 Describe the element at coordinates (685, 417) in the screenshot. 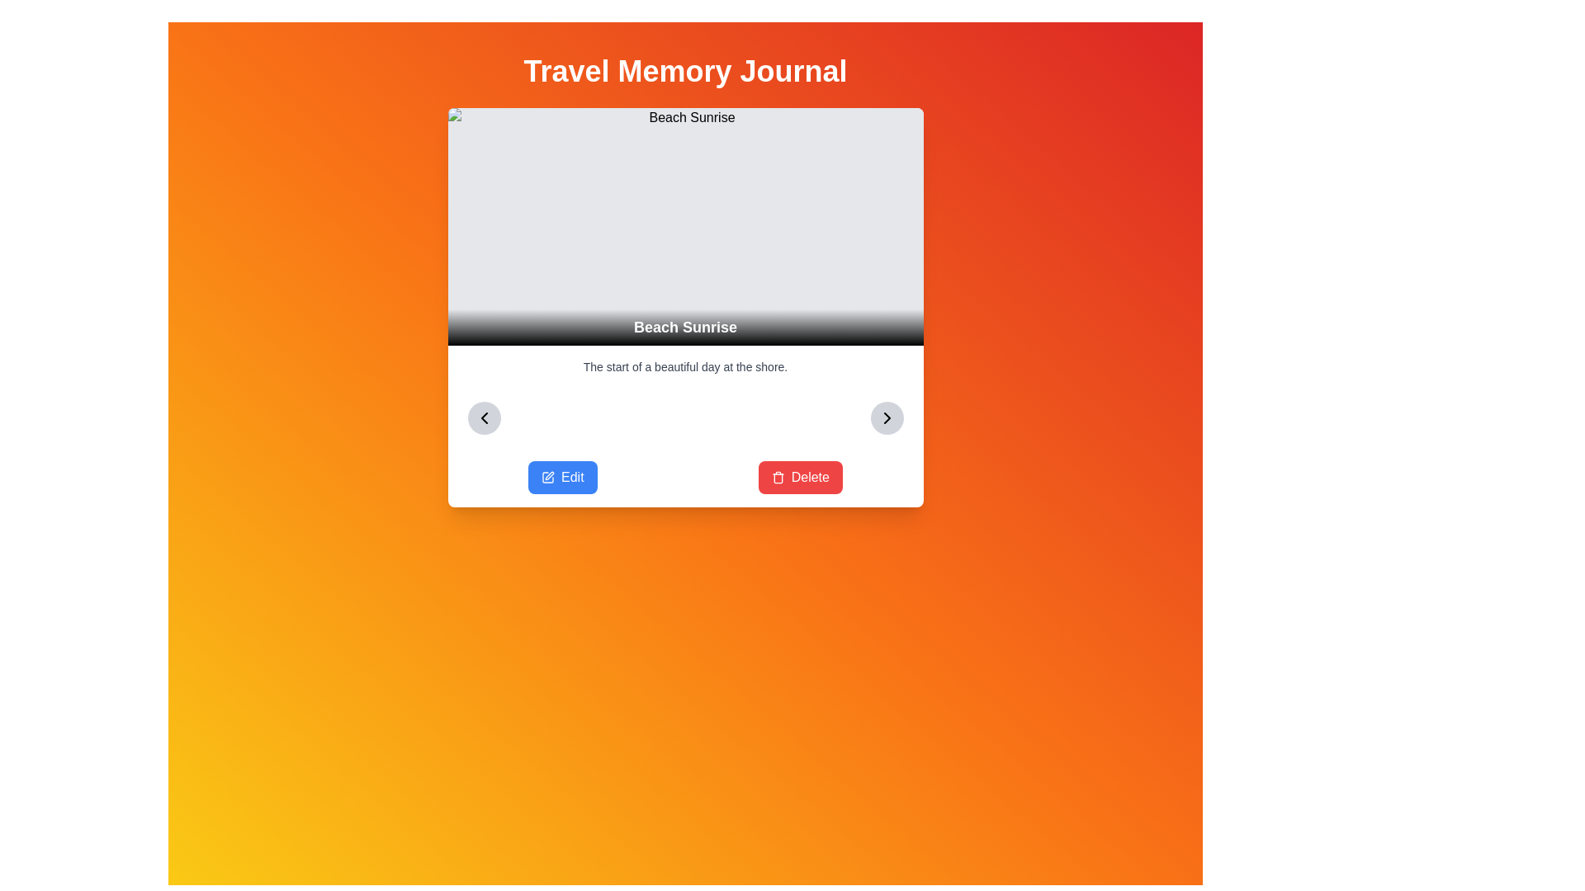

I see `navigation or pagination control located within the card-like component, positioned directly below the description text and above the action buttons (Edit and Delete)` at that location.